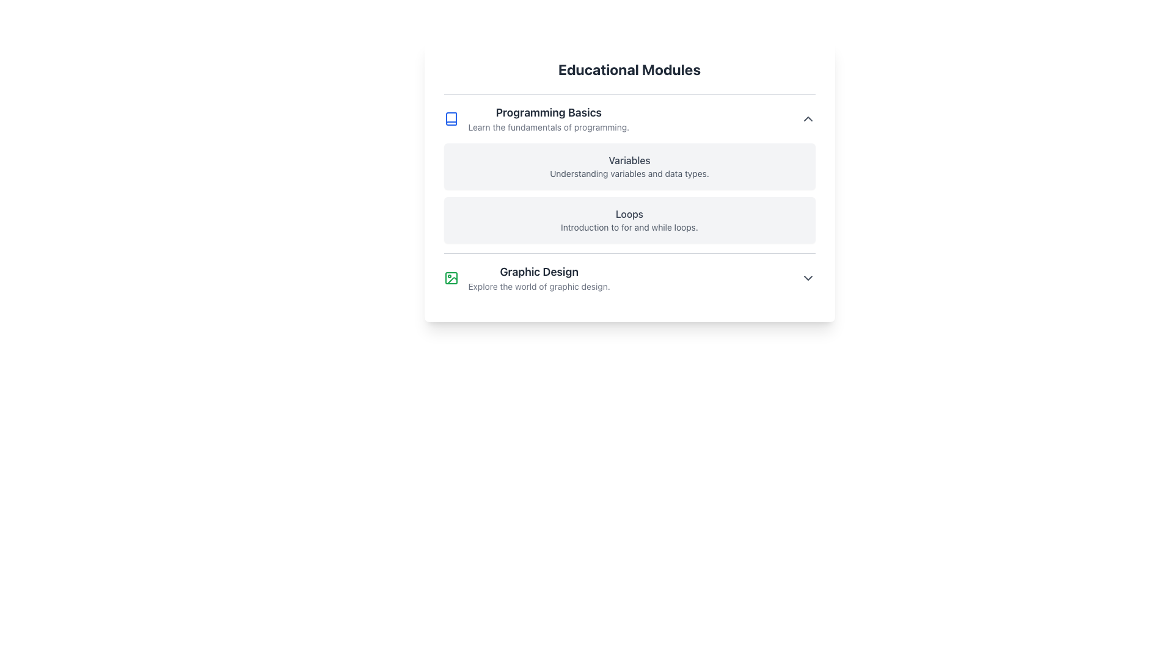 The width and height of the screenshot is (1173, 659). I want to click on text 'Introduction to for and while loops.' located below the 'Loops' heading, which is styled with a smaller gray font, so click(629, 228).